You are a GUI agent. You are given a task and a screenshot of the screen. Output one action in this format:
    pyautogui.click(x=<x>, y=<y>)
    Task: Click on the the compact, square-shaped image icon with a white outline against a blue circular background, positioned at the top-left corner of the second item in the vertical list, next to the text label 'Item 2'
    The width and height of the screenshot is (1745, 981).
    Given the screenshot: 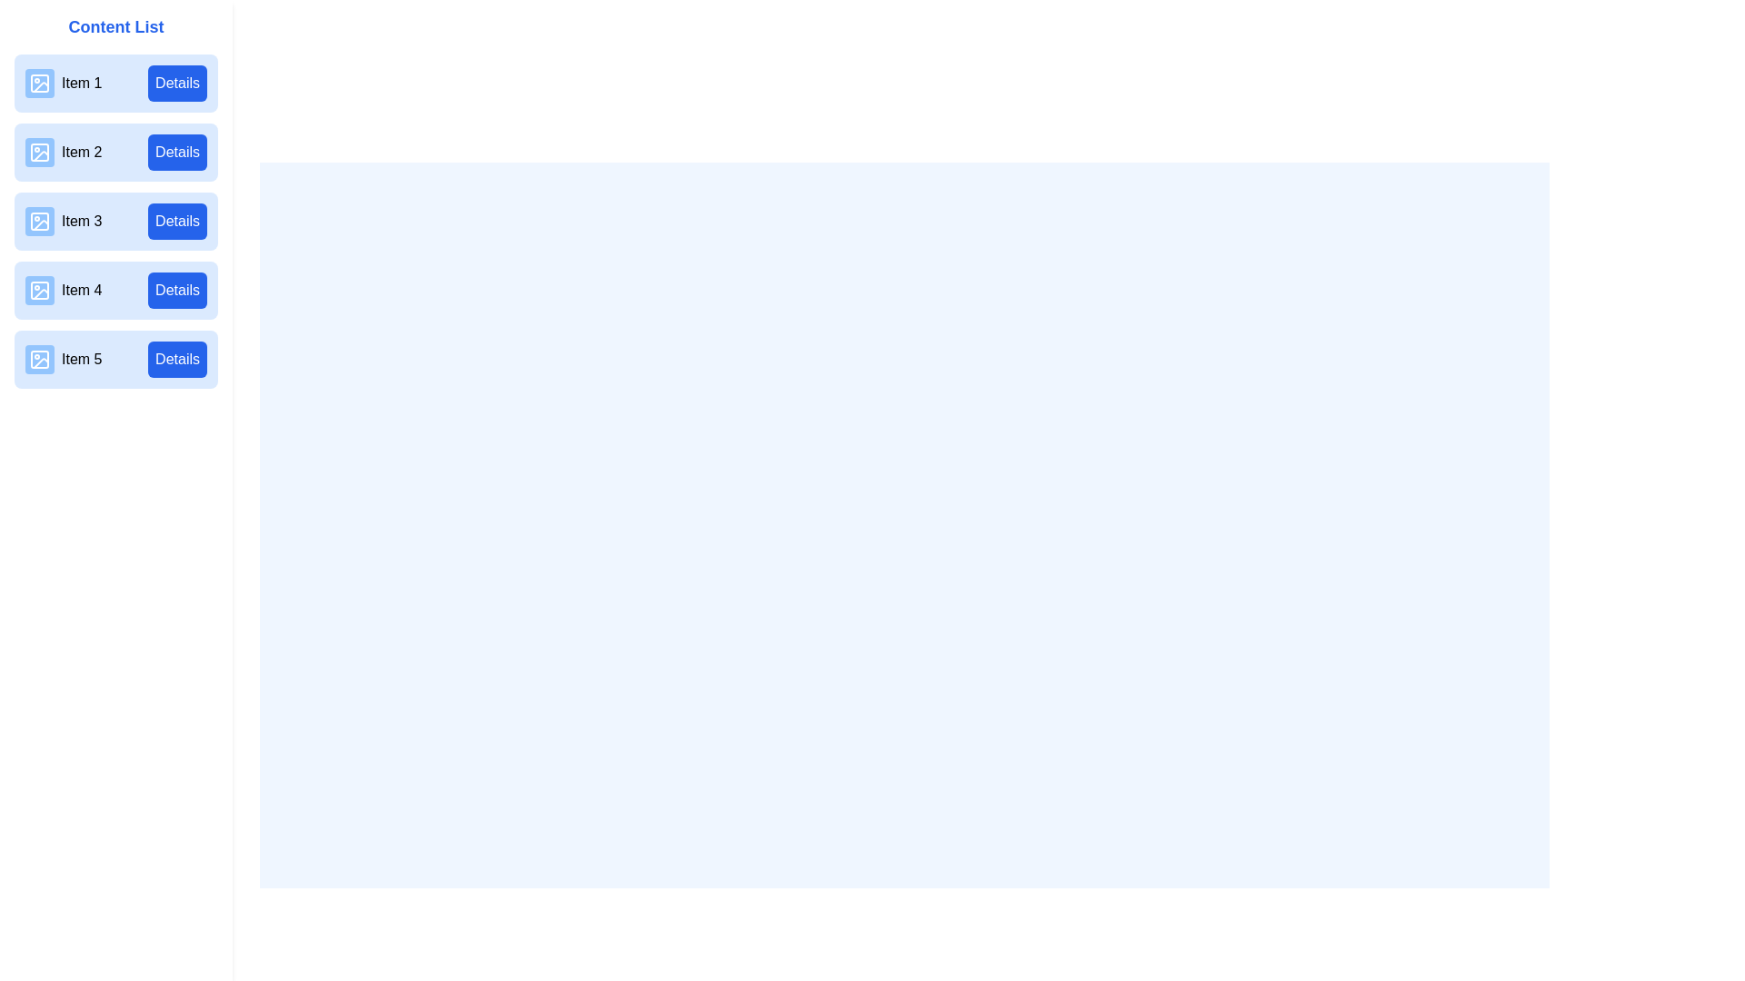 What is the action you would take?
    pyautogui.click(x=39, y=152)
    